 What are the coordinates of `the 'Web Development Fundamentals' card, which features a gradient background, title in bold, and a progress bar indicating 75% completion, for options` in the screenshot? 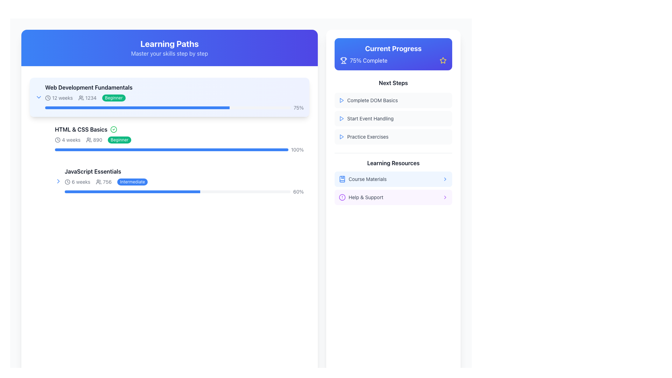 It's located at (169, 97).